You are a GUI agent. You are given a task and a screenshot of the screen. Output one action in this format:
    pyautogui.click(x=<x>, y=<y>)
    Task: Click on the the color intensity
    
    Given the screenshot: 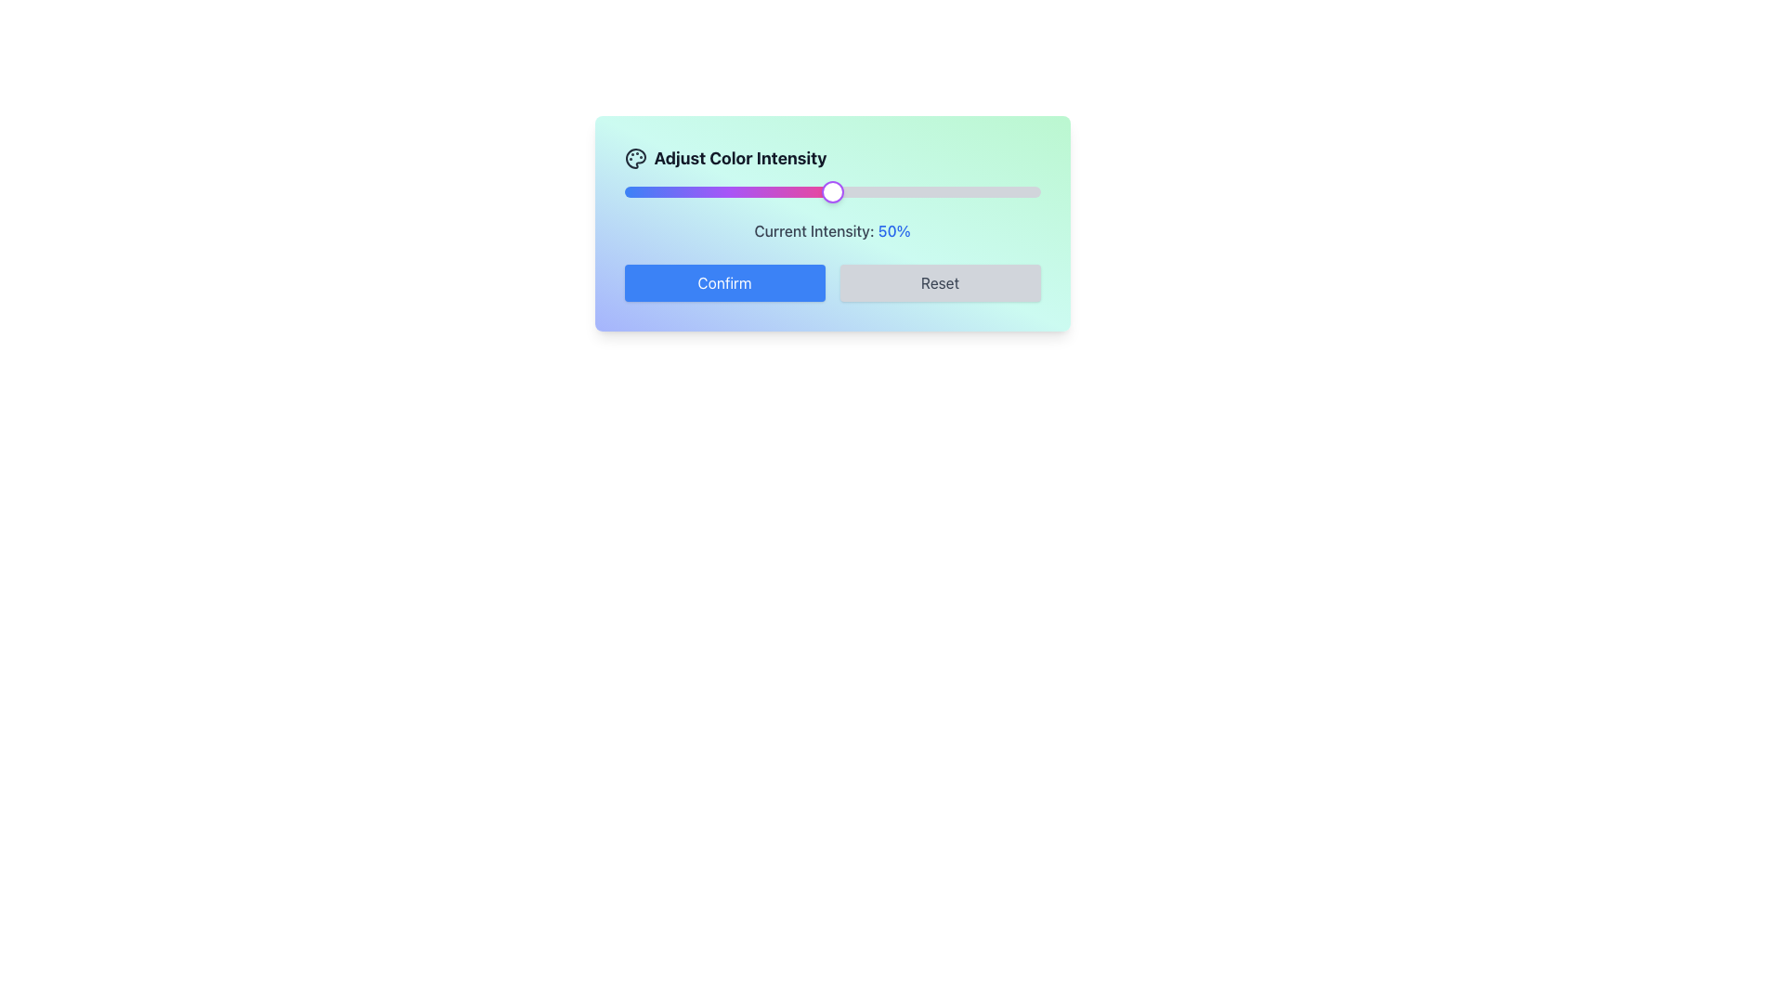 What is the action you would take?
    pyautogui.click(x=807, y=192)
    